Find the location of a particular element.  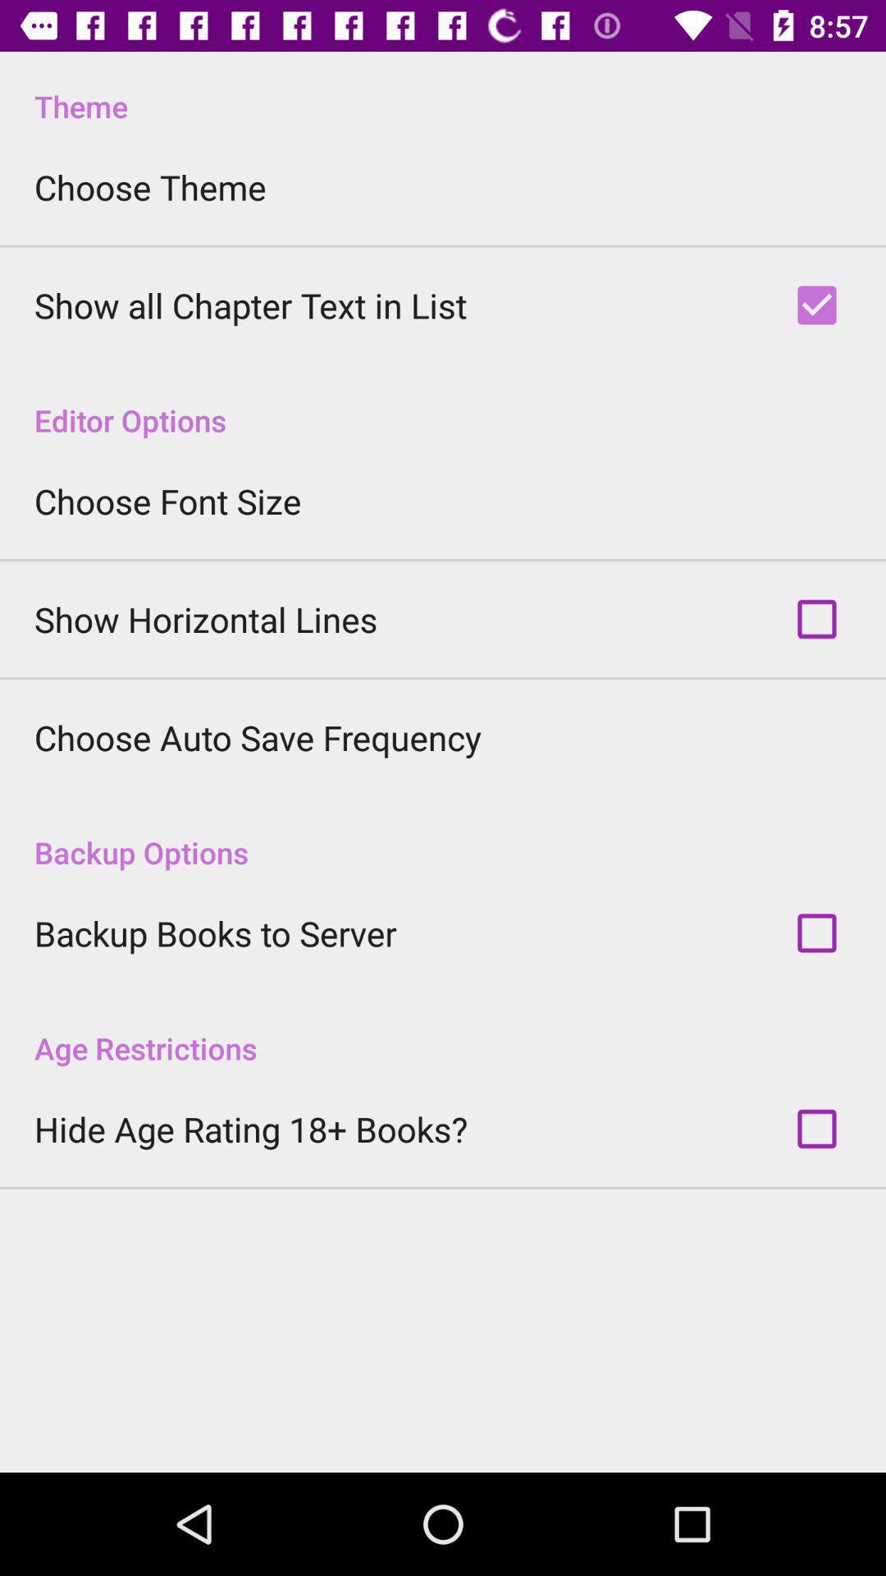

the show horizontal lines app is located at coordinates (205, 618).